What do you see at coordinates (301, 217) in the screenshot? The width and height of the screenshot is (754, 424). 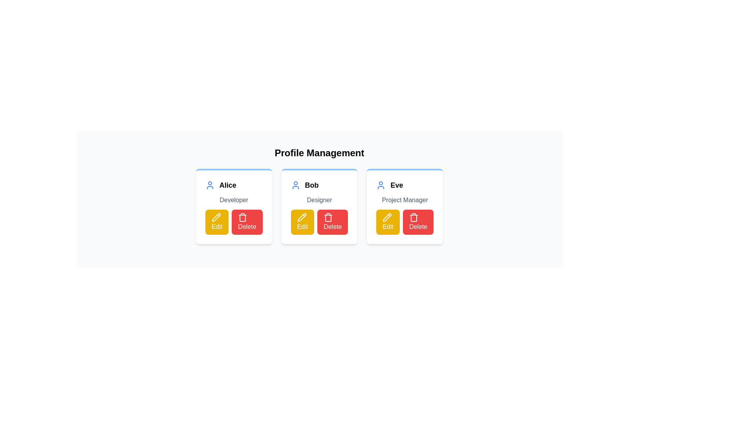 I see `the edit button for Bob's profile in the Profile Management section` at bounding box center [301, 217].